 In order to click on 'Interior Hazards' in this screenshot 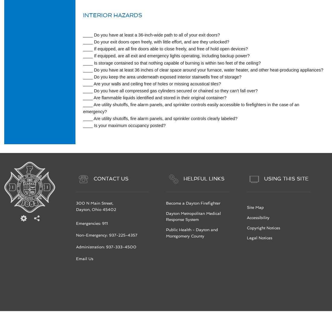, I will do `click(113, 15)`.